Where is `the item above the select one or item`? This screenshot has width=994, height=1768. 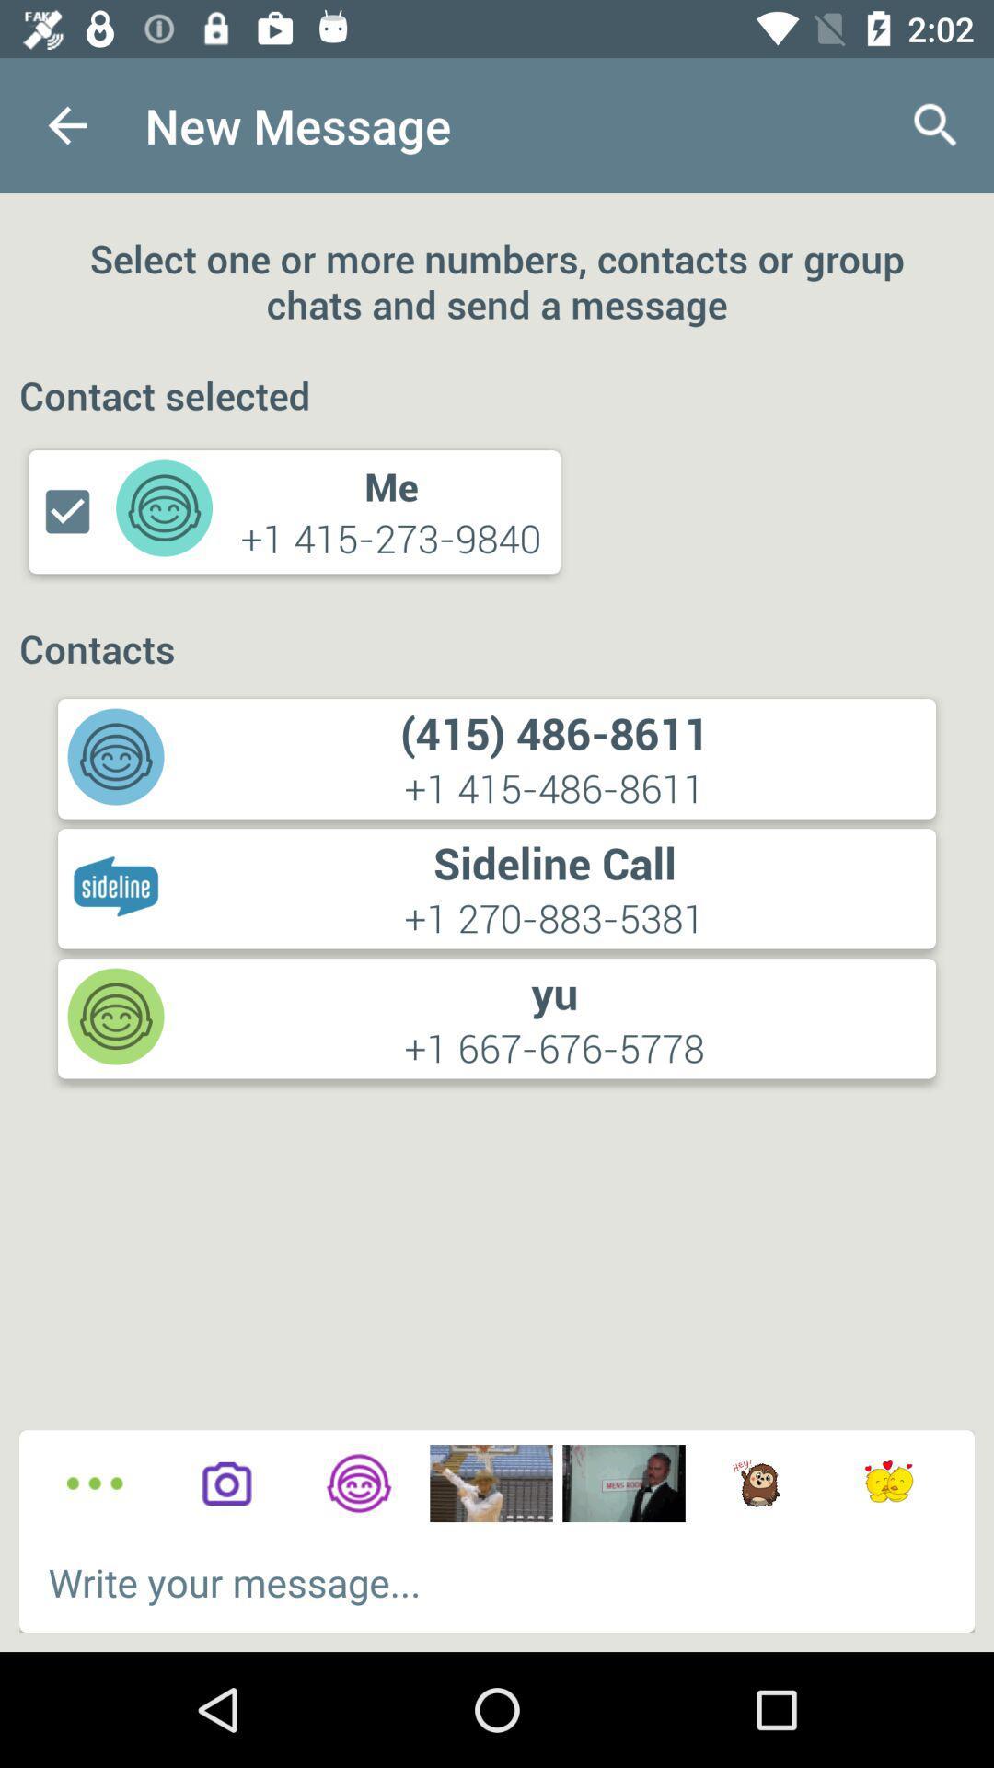 the item above the select one or item is located at coordinates (936, 124).